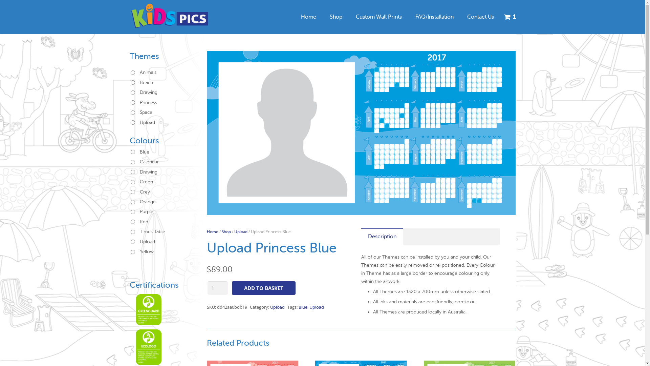 Image resolution: width=650 pixels, height=366 pixels. I want to click on 'Contact Us', so click(460, 17).